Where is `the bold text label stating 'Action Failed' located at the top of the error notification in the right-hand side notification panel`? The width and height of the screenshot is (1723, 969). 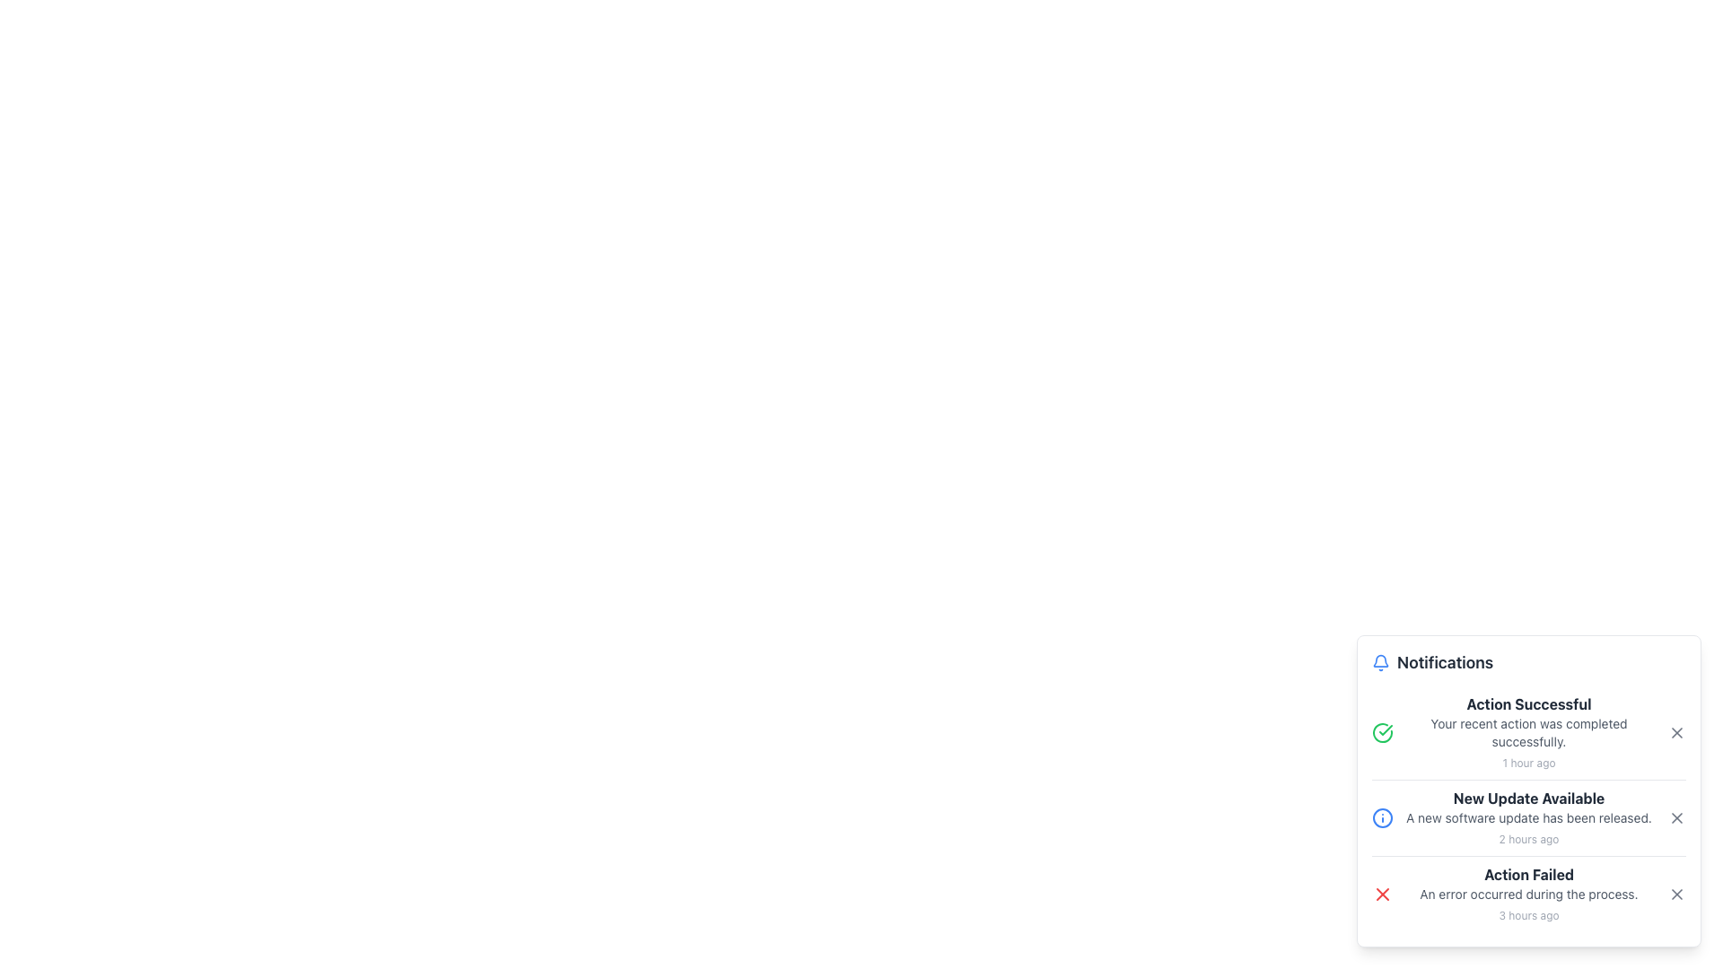 the bold text label stating 'Action Failed' located at the top of the error notification in the right-hand side notification panel is located at coordinates (1528, 874).